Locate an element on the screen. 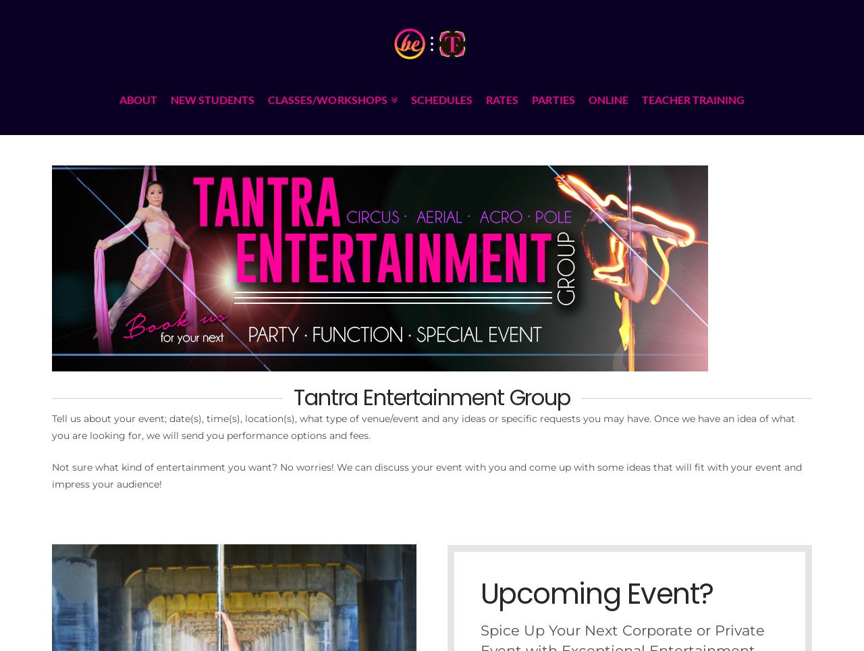 Image resolution: width=864 pixels, height=651 pixels. 'RATES' is located at coordinates (486, 99).